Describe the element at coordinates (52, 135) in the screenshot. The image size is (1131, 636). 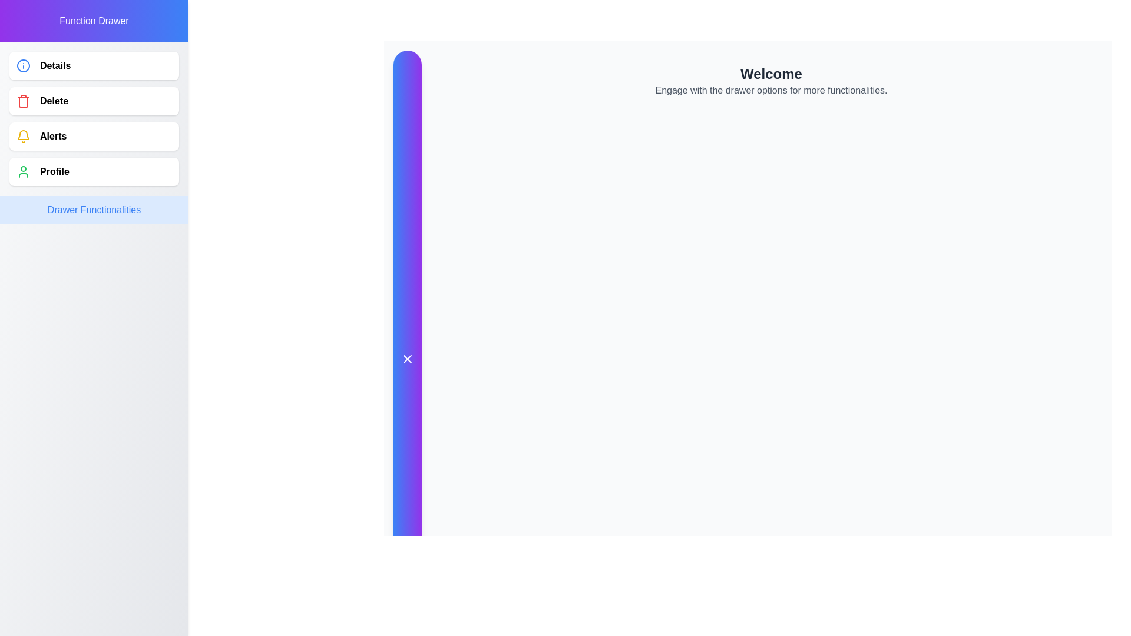
I see `the 'Alerts' text label located in the left-aligned drawer menu, positioned below the 'Delete' option and above the 'Profile' option, for contextual information` at that location.